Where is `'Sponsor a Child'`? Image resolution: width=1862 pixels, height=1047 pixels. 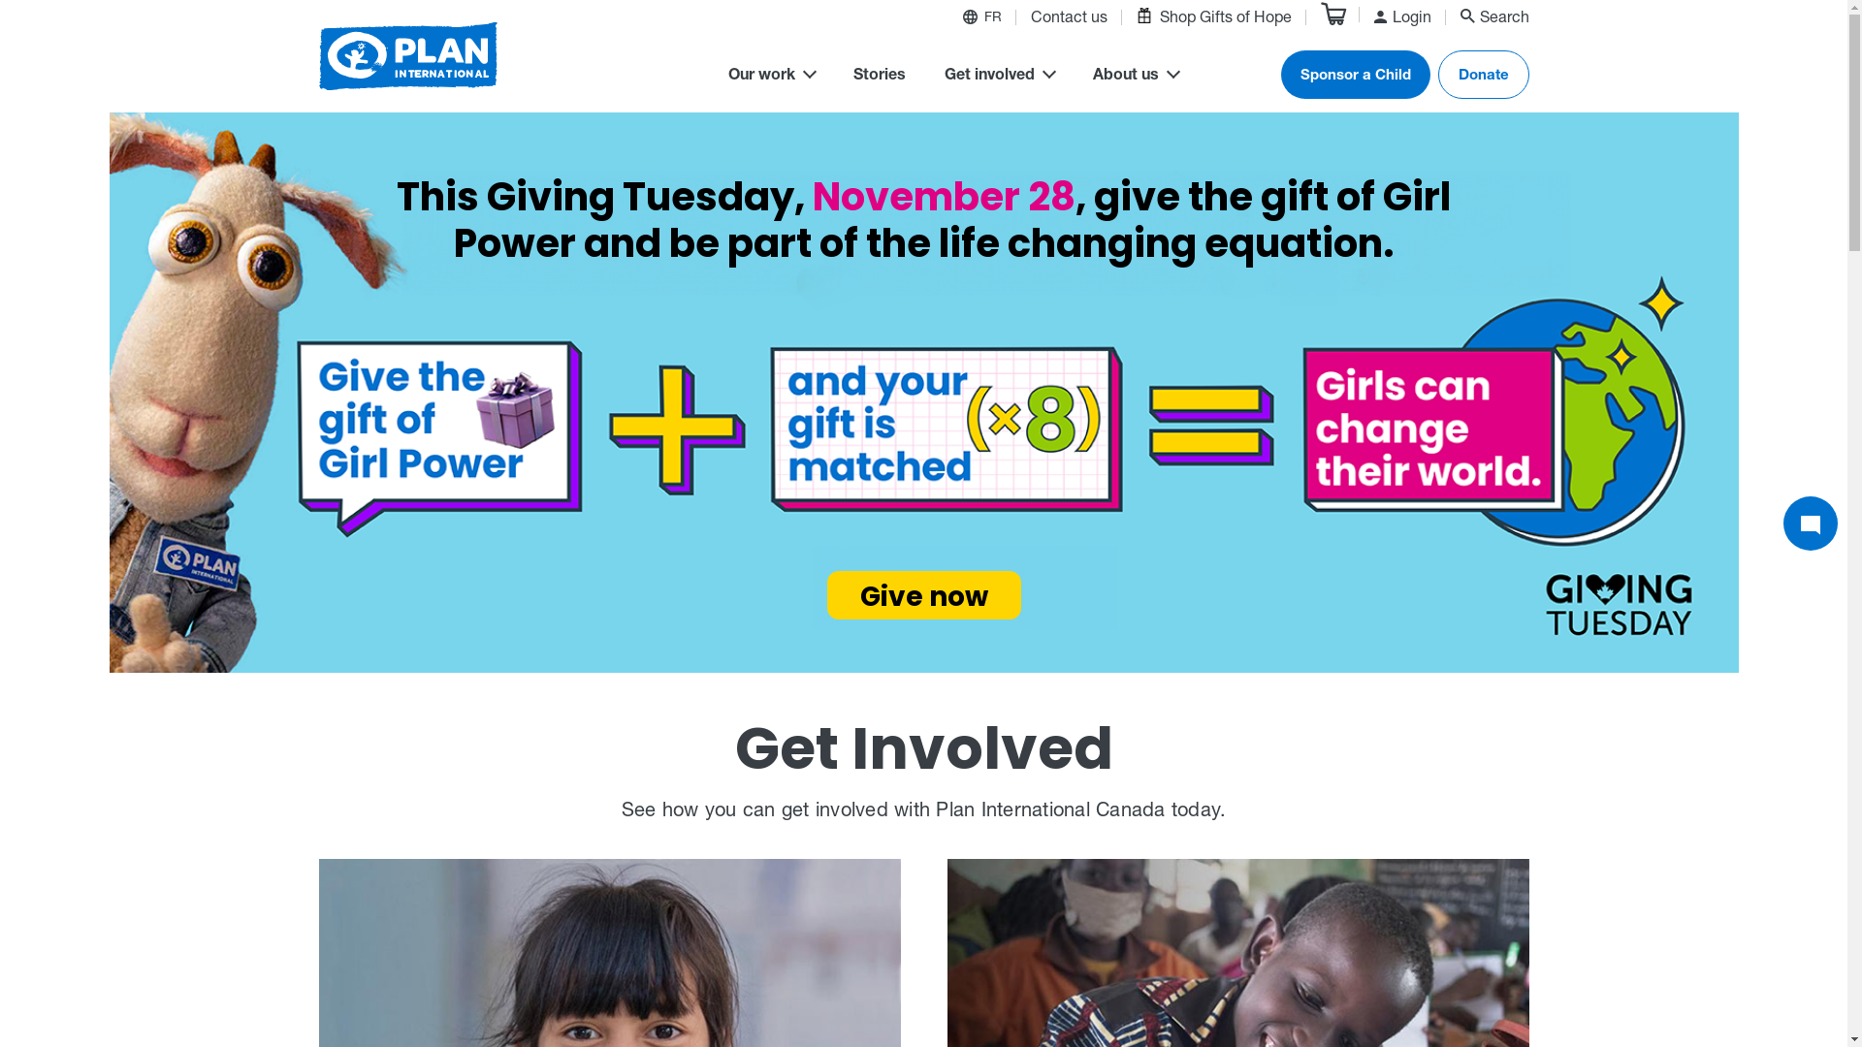 'Sponsor a Child' is located at coordinates (1353, 74).